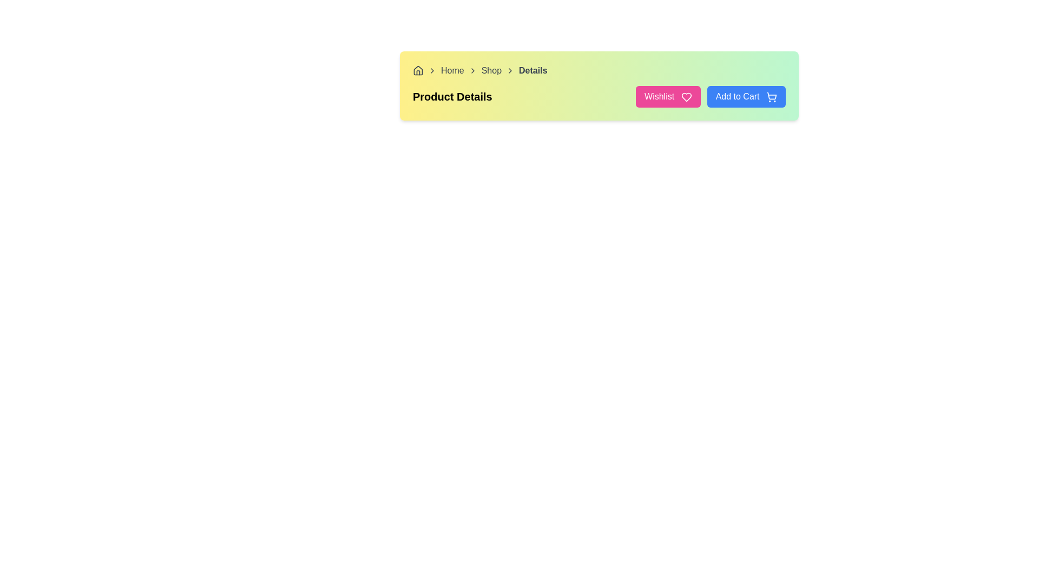 Image resolution: width=1039 pixels, height=584 pixels. What do you see at coordinates (417, 71) in the screenshot?
I see `the house icon in the breadcrumb navigation` at bounding box center [417, 71].